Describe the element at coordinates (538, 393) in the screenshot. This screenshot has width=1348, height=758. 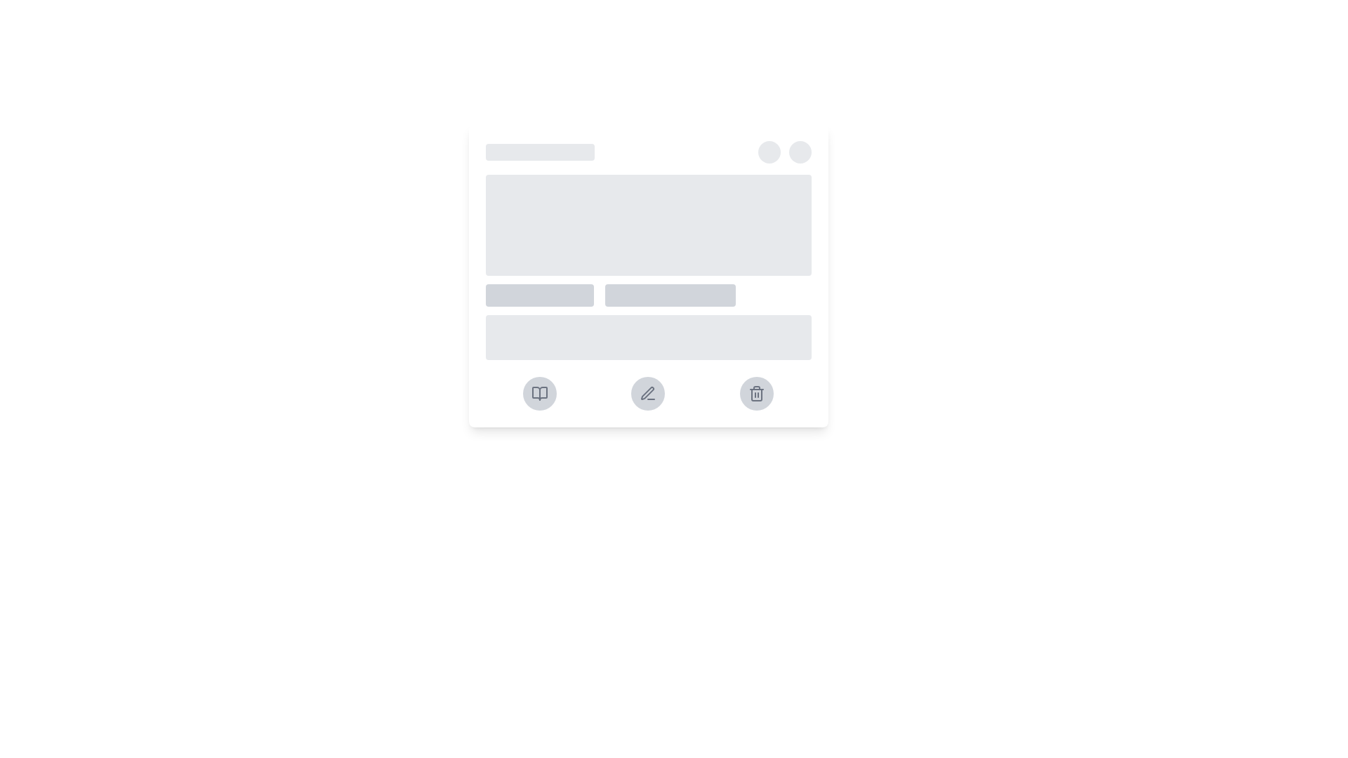
I see `the open book icon located within the circular button on the left side of the bottom row of three buttons` at that location.